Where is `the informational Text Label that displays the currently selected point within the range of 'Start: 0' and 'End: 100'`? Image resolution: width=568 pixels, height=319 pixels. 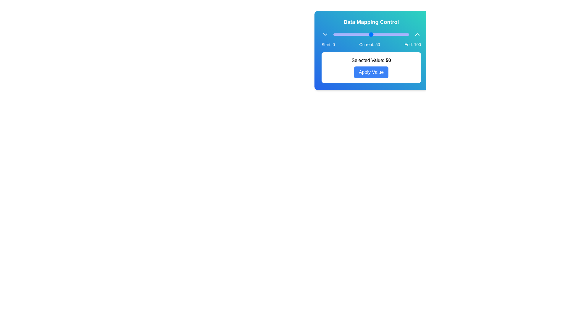
the informational Text Label that displays the currently selected point within the range of 'Start: 0' and 'End: 100' is located at coordinates (369, 44).